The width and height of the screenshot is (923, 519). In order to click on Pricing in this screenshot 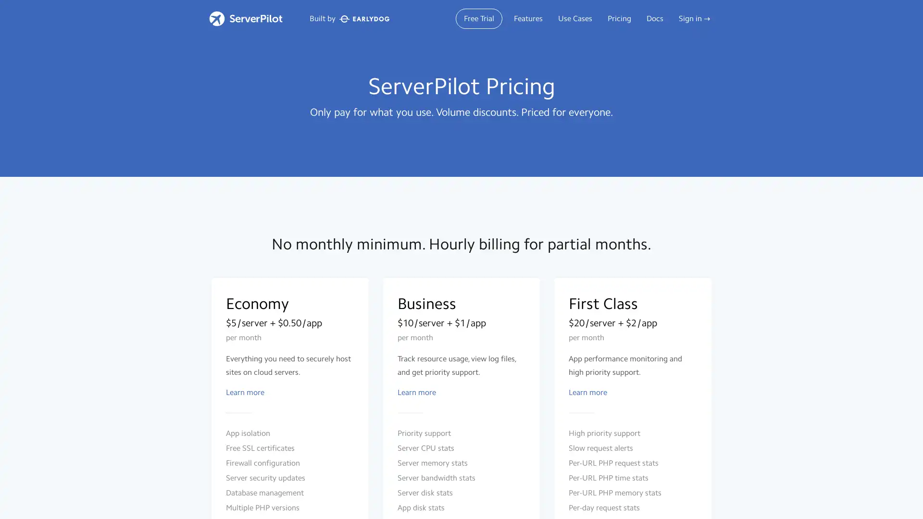, I will do `click(619, 18)`.